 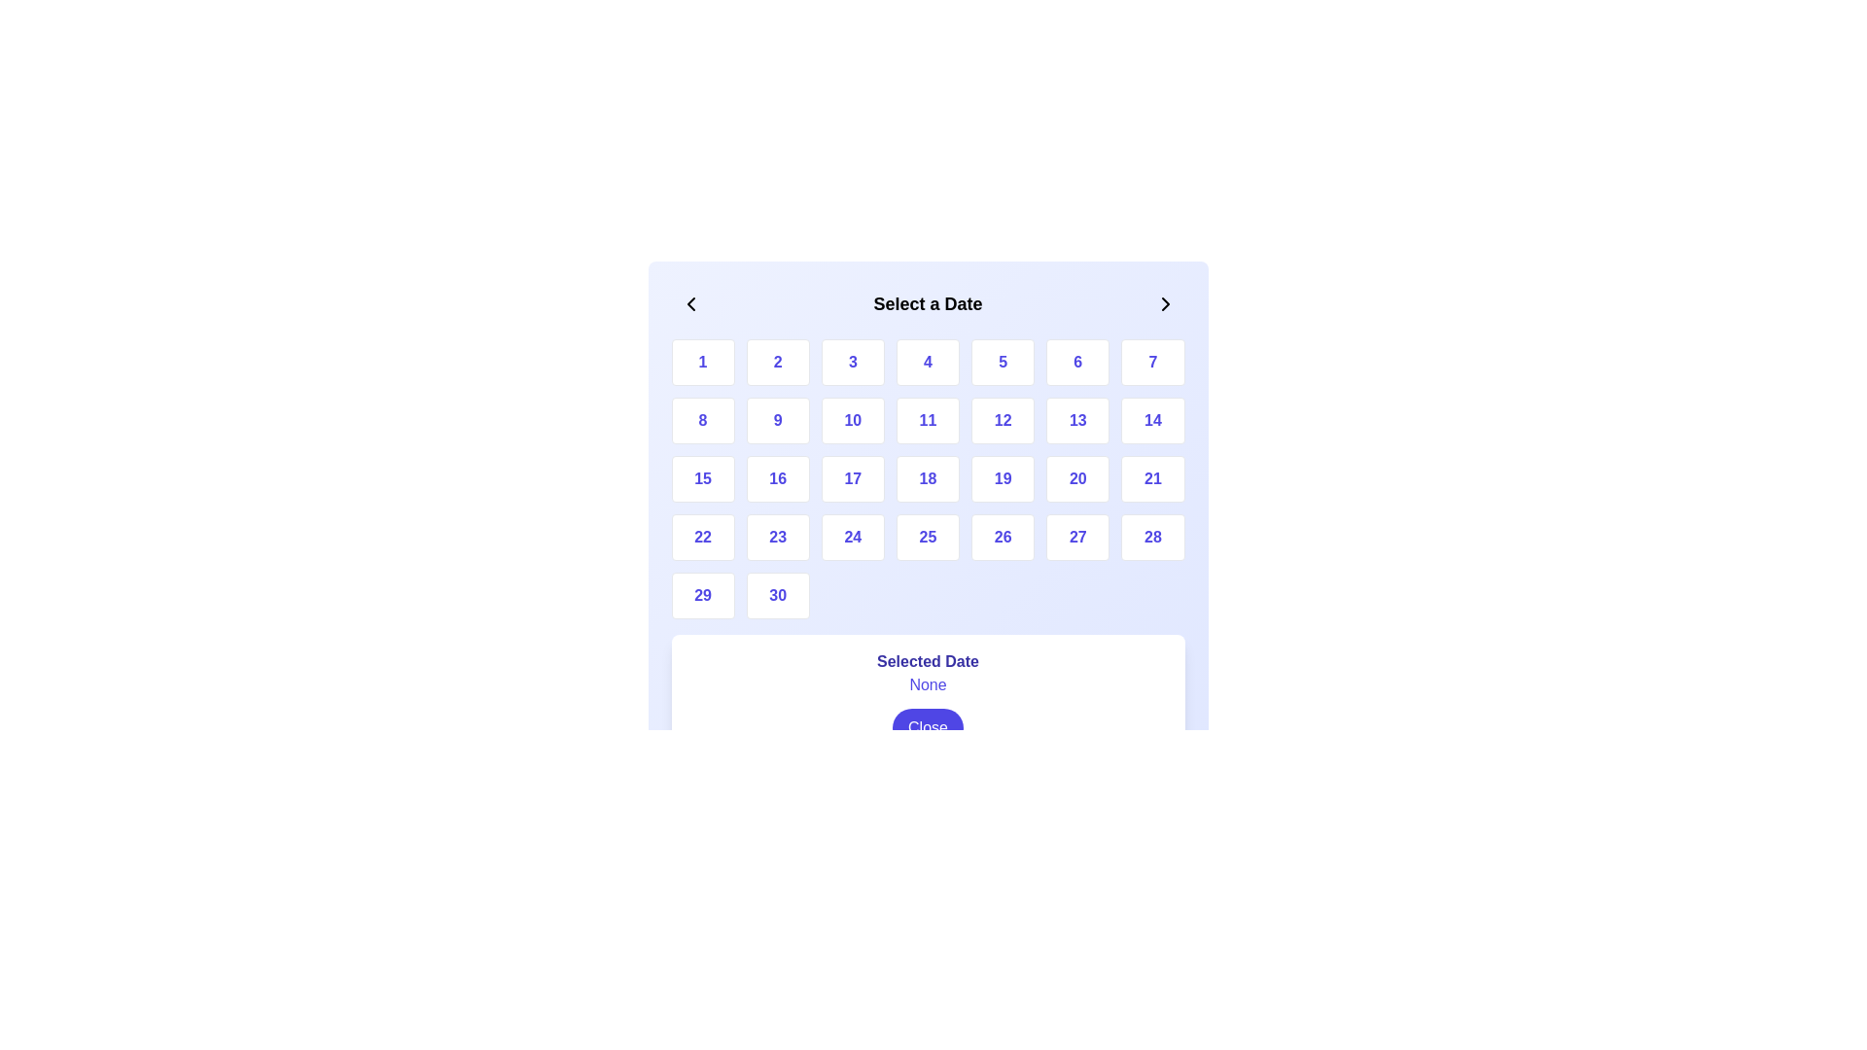 I want to click on the navigation icon located at the top-right corner of the date selection panel, adjacent to the 'Select a Date' header, so click(x=1165, y=303).